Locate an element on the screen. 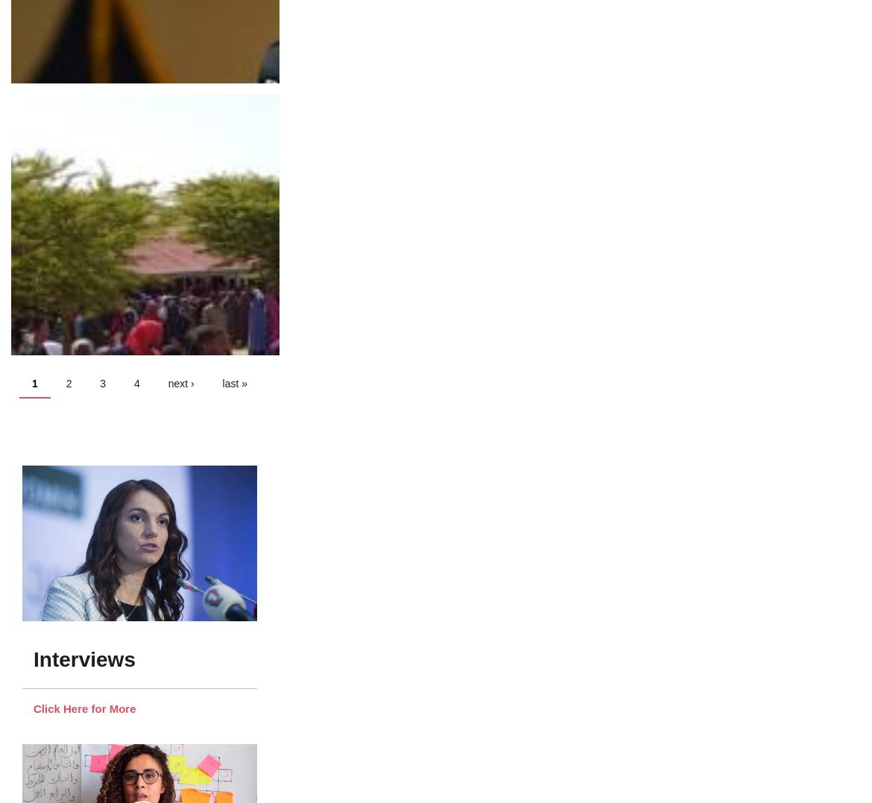 The image size is (872, 803). 'How two black women conquered US Senate primary politics' is located at coordinates (177, 368).